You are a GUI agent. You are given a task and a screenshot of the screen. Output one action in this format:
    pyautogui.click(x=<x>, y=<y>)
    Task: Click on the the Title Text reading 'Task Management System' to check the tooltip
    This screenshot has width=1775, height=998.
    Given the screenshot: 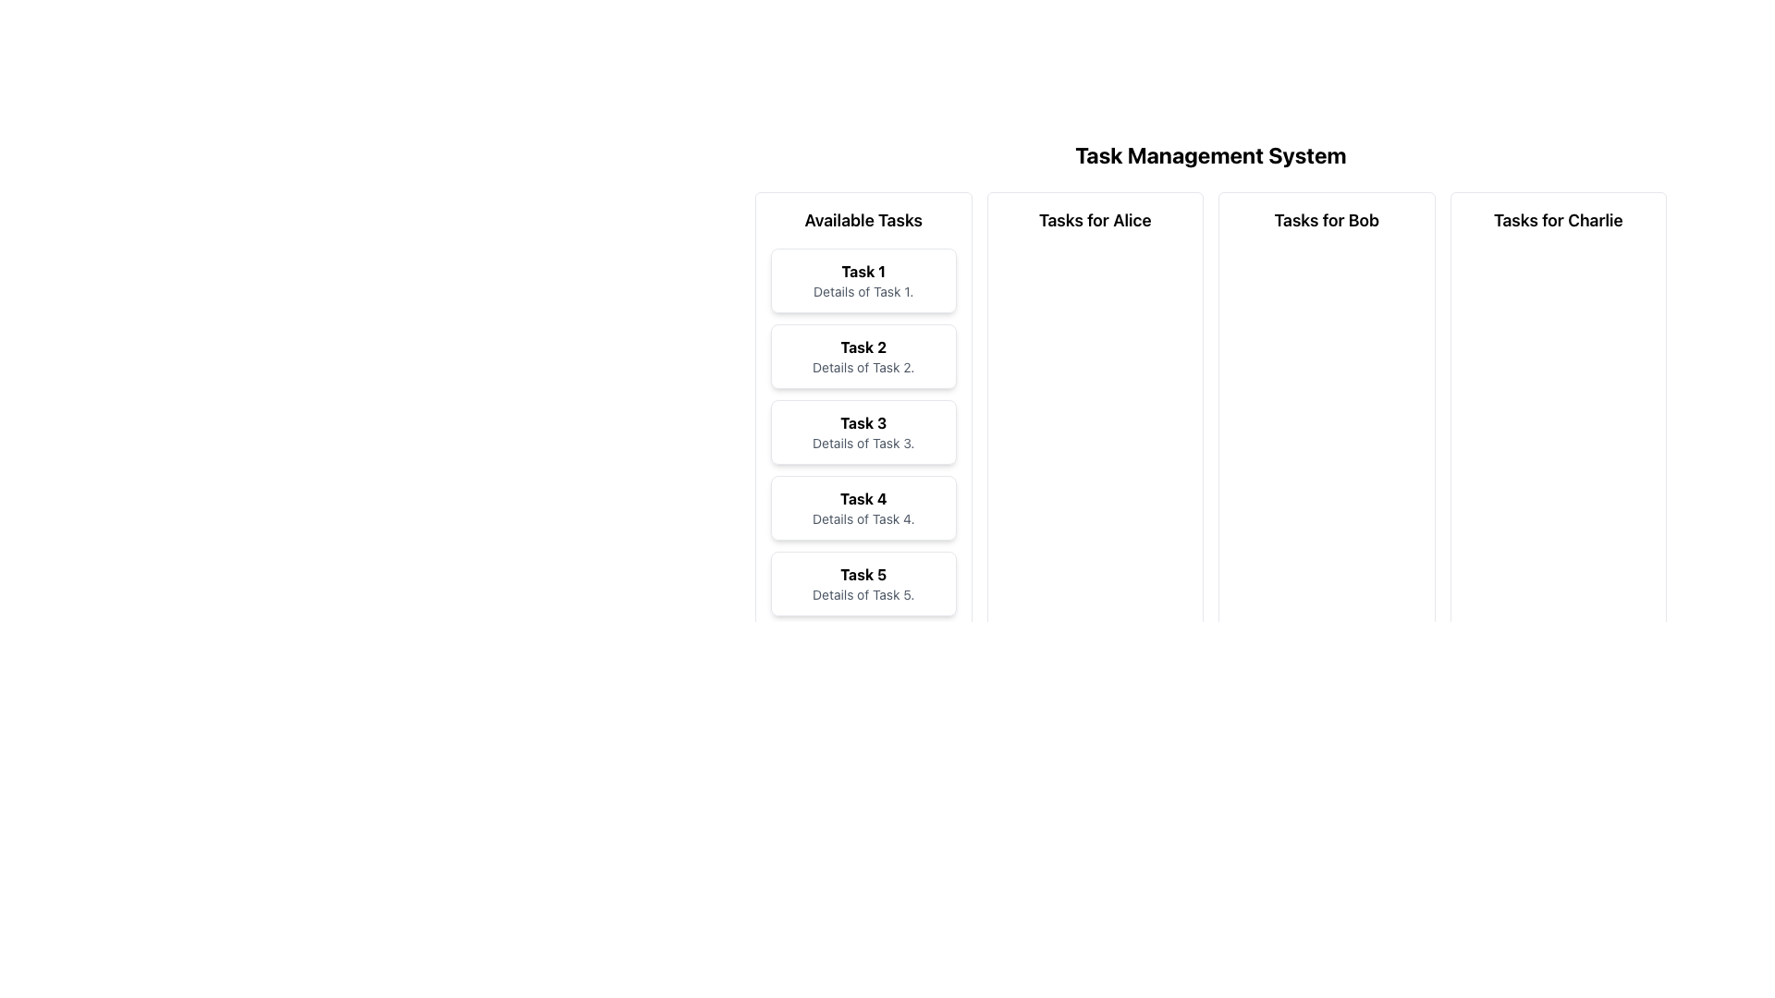 What is the action you would take?
    pyautogui.click(x=1211, y=154)
    